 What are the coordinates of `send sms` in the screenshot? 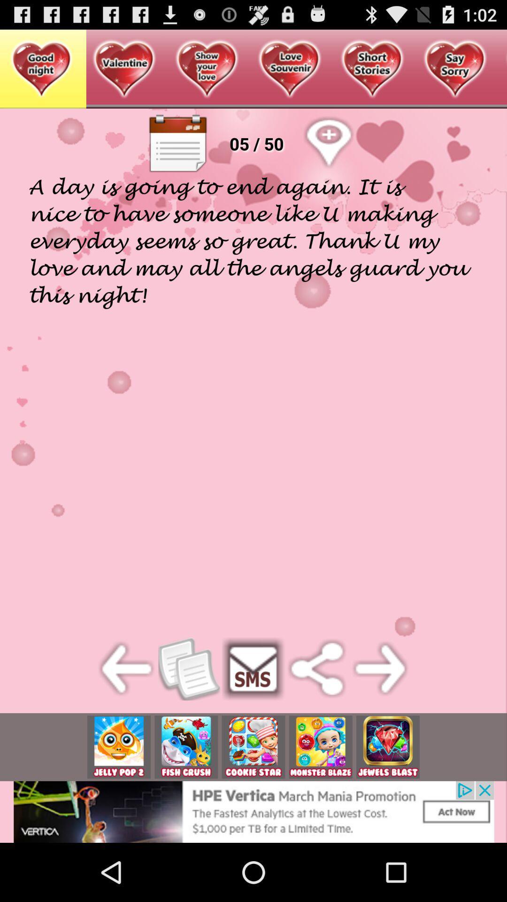 It's located at (253, 668).